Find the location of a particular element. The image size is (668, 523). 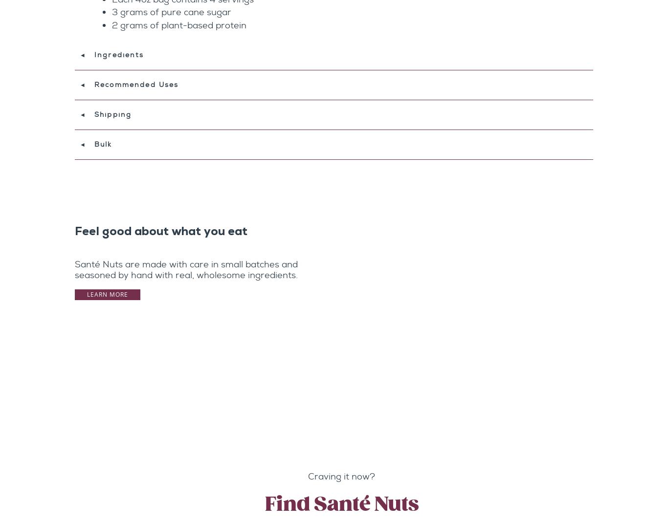

'Craving it now?' is located at coordinates (307, 476).